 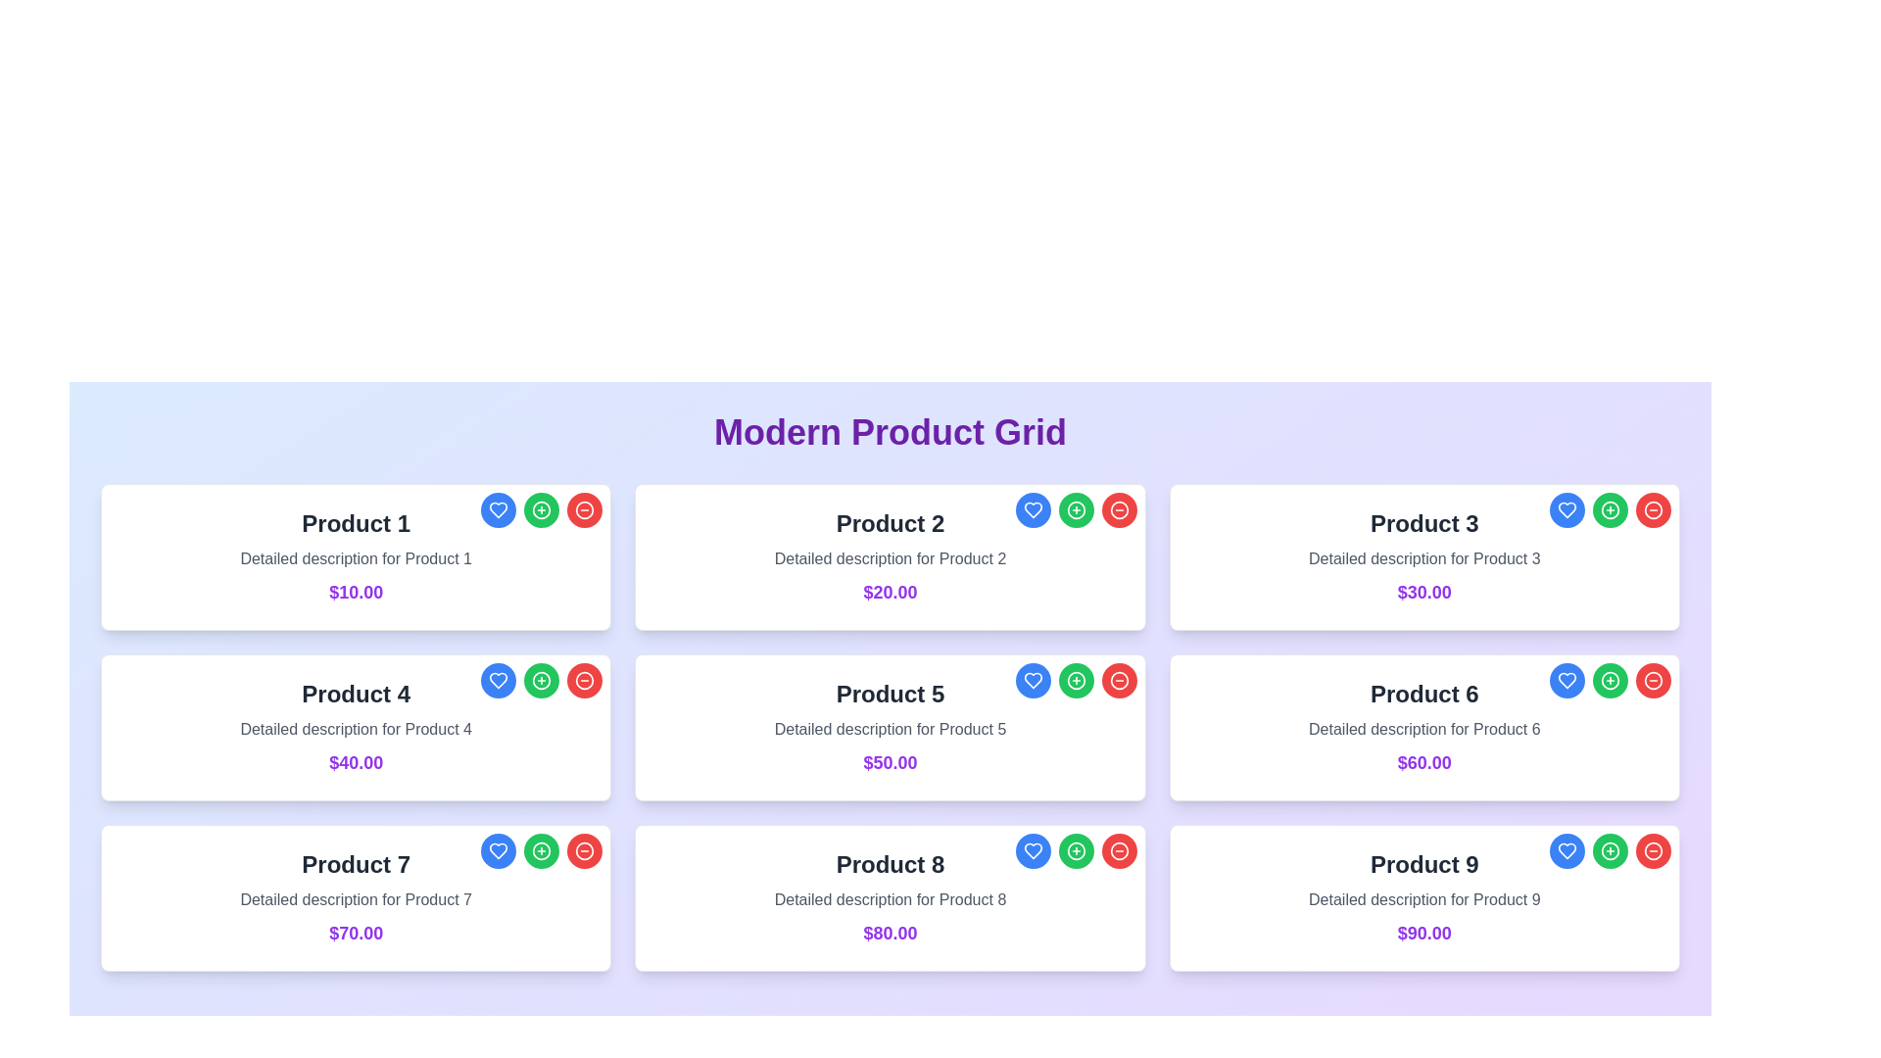 What do you see at coordinates (889, 557) in the screenshot?
I see `the product display card representing 'Product 2', which is the second card in the grid layout located in the first row and second column` at bounding box center [889, 557].